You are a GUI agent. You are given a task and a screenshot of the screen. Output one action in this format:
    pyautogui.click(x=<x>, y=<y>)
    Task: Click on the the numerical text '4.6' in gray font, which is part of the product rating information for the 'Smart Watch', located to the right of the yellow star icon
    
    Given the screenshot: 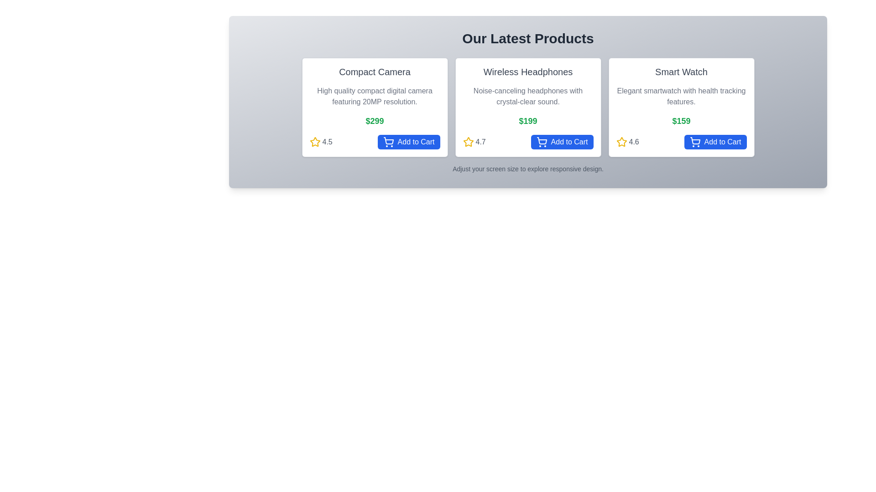 What is the action you would take?
    pyautogui.click(x=633, y=142)
    